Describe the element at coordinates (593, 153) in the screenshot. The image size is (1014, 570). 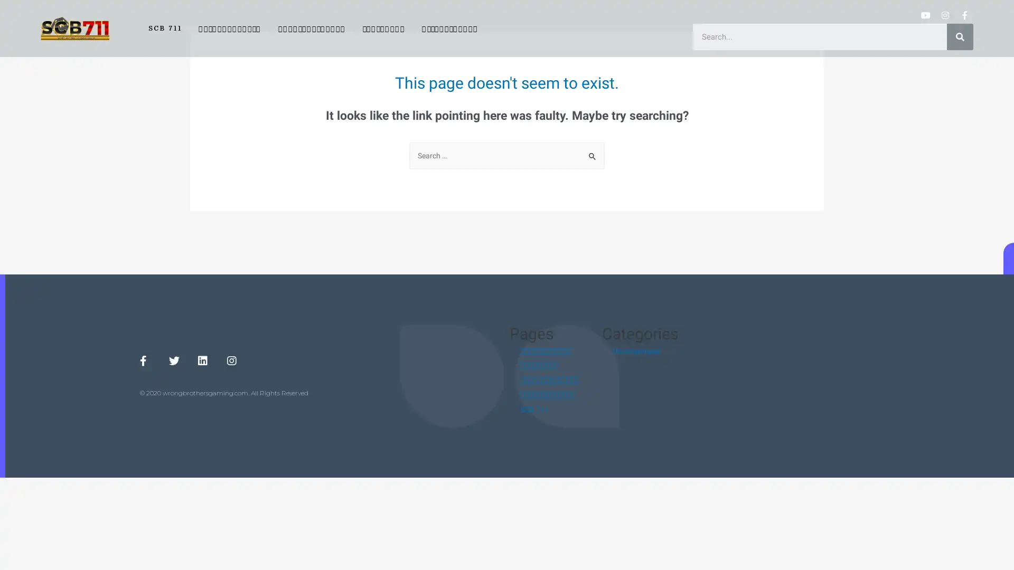
I see `Search` at that location.